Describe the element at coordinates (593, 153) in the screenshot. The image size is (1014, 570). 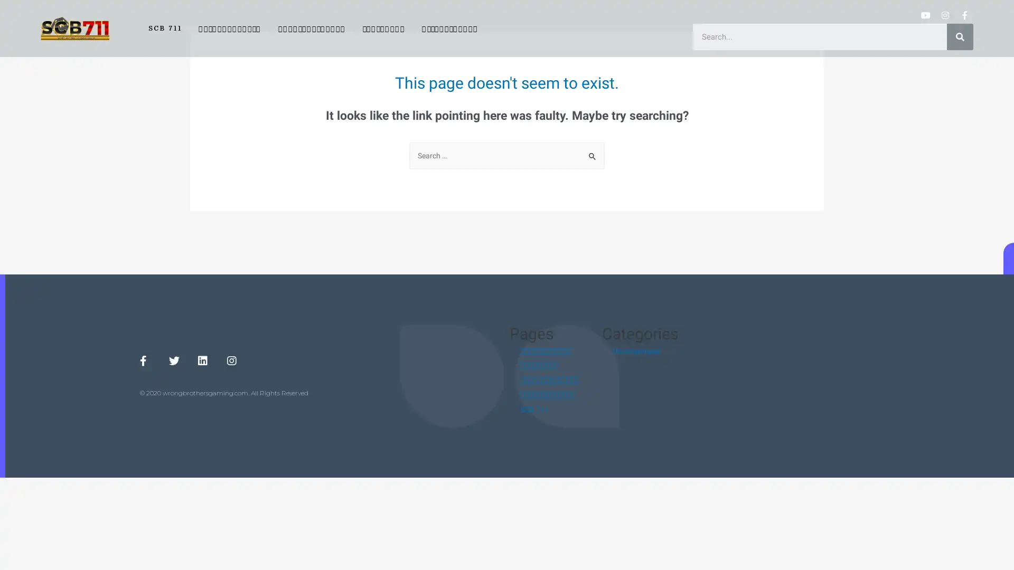
I see `Search` at that location.